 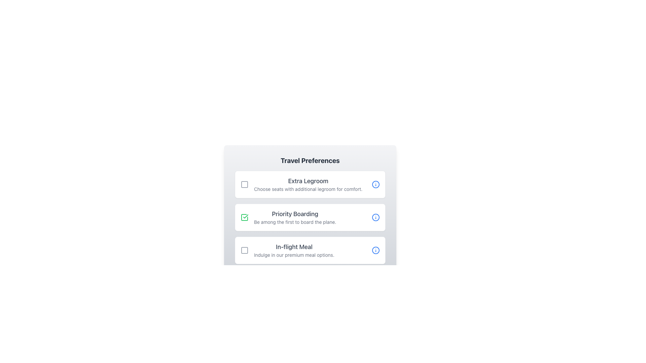 I want to click on the circular icon with a blue border located at the far right end of the 'In-flight Meal' option row, so click(x=375, y=250).